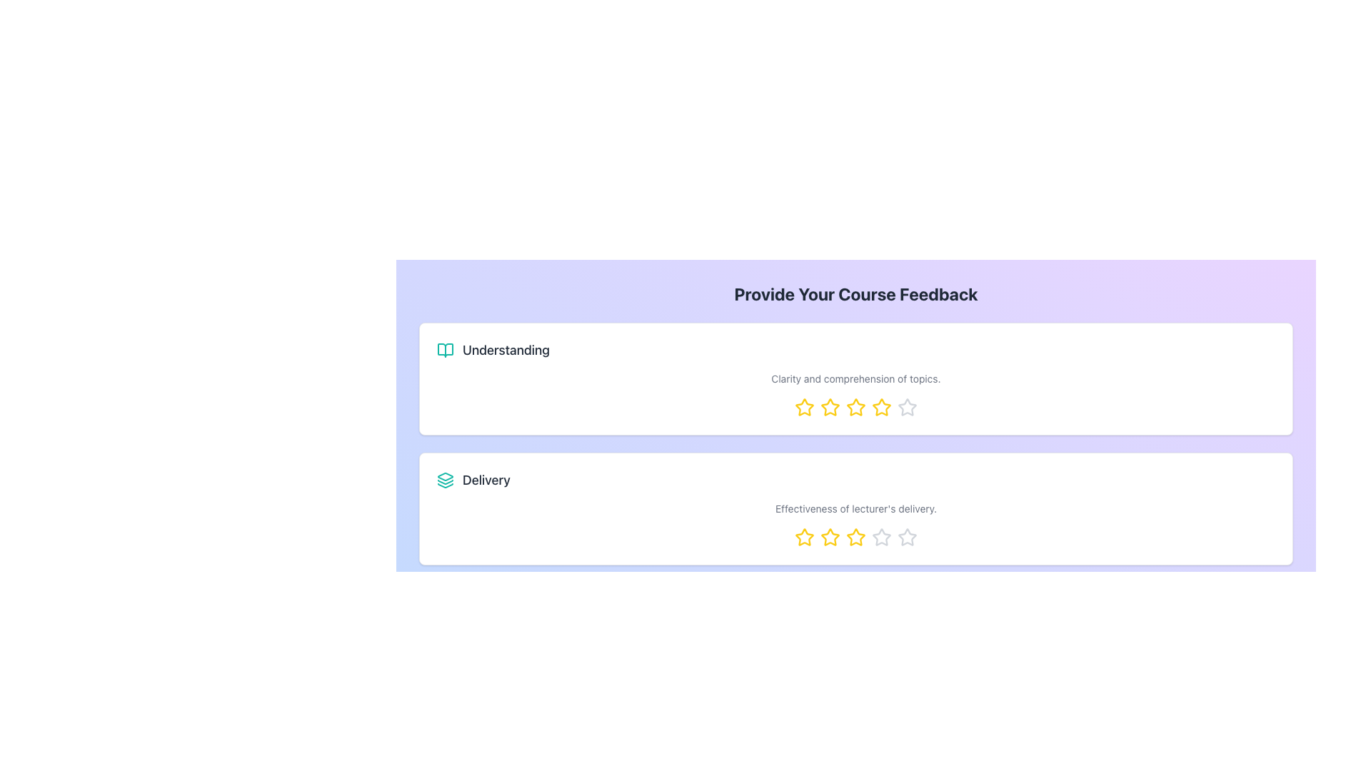  I want to click on the second star in the horizontal row for 'Understanding' feedback section, so click(805, 407).